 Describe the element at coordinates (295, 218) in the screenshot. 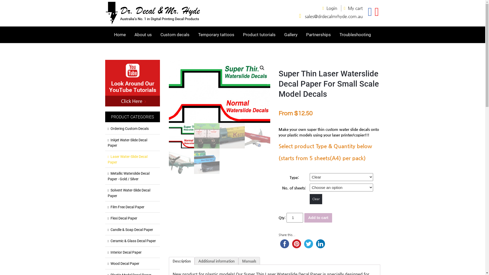

I see `'Qty'` at that location.